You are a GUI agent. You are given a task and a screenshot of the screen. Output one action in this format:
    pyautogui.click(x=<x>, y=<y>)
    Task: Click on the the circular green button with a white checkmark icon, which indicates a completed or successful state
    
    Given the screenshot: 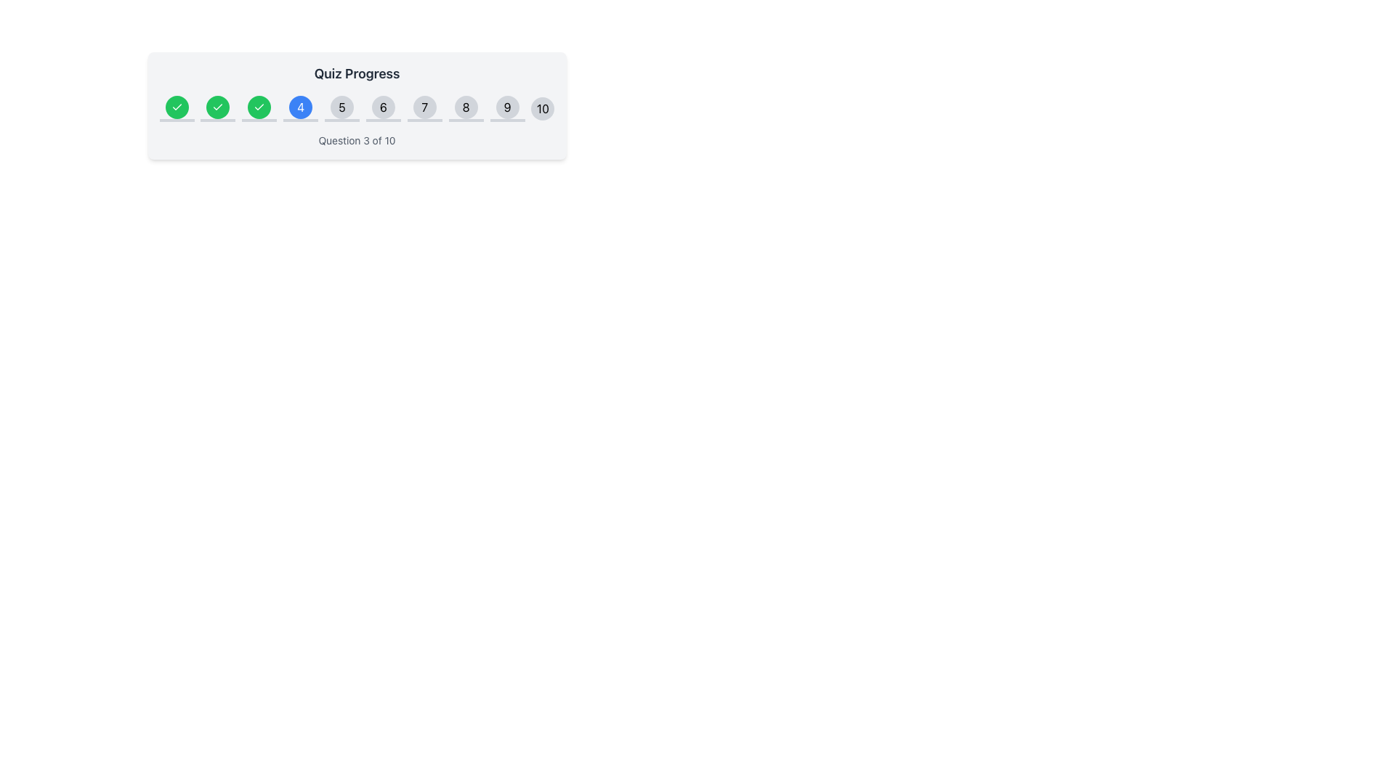 What is the action you would take?
    pyautogui.click(x=217, y=108)
    